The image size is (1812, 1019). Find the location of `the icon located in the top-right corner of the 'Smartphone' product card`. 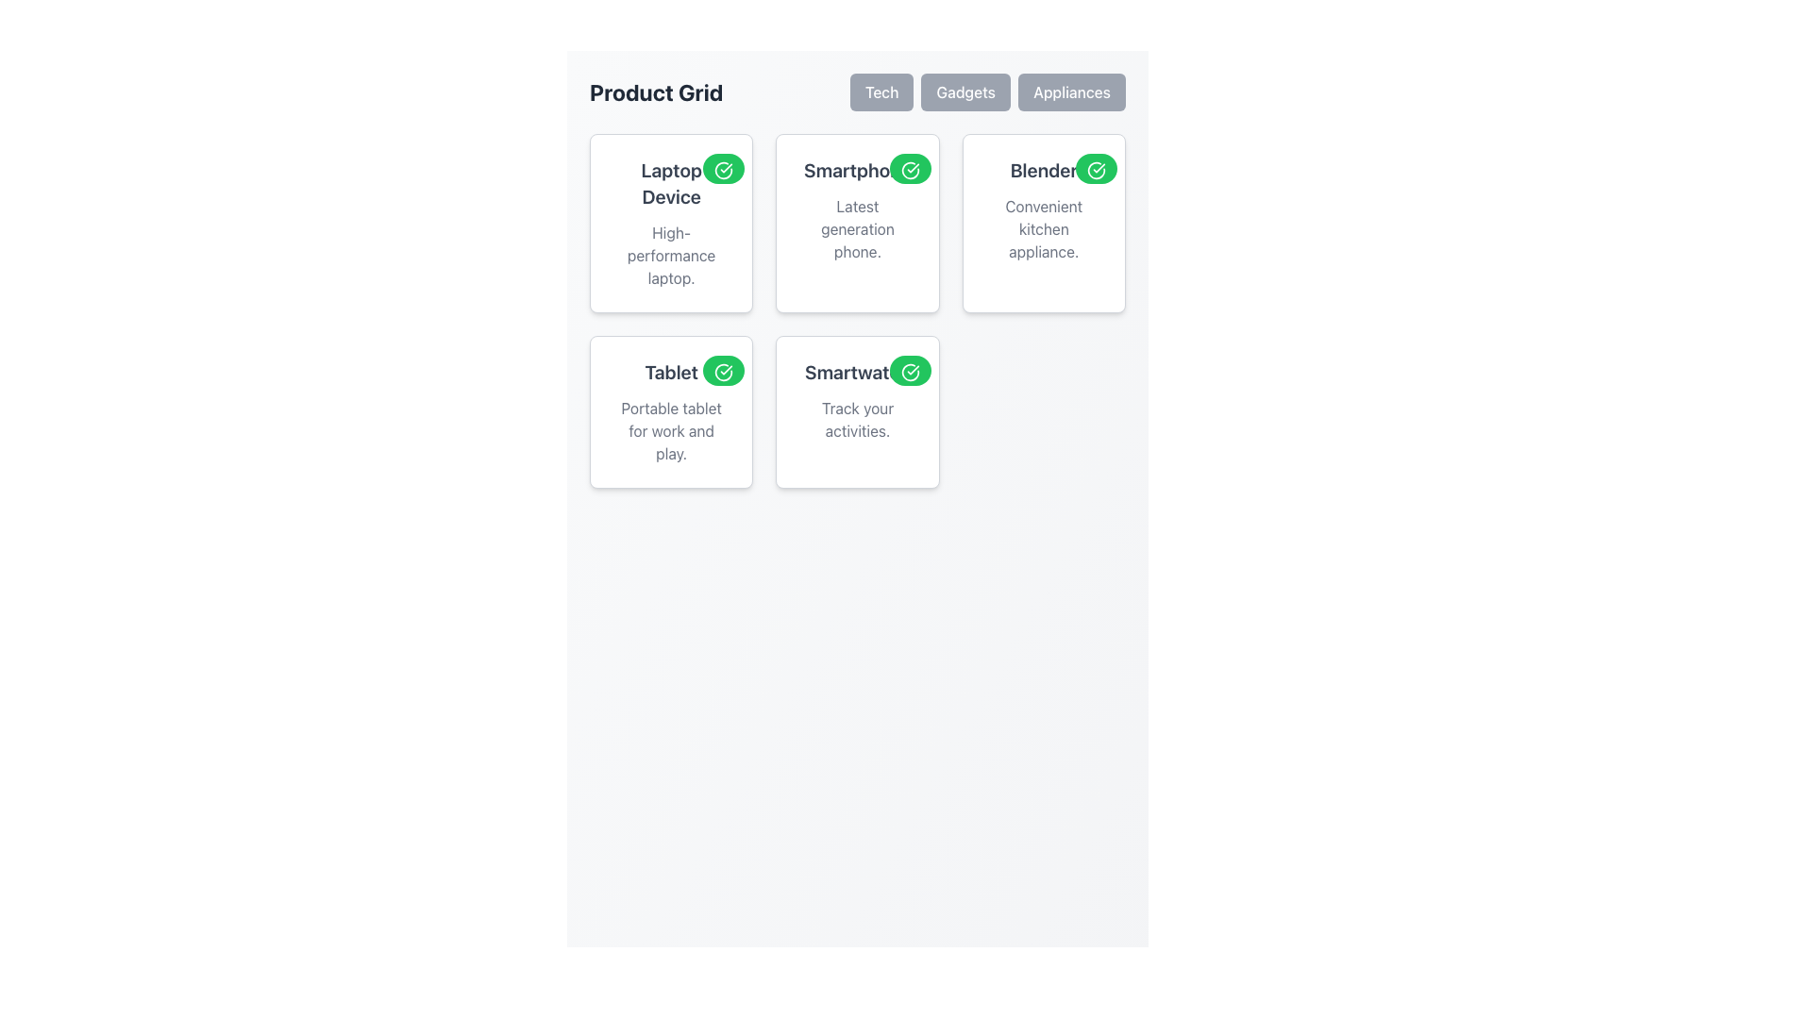

the icon located in the top-right corner of the 'Smartphone' product card is located at coordinates (910, 170).